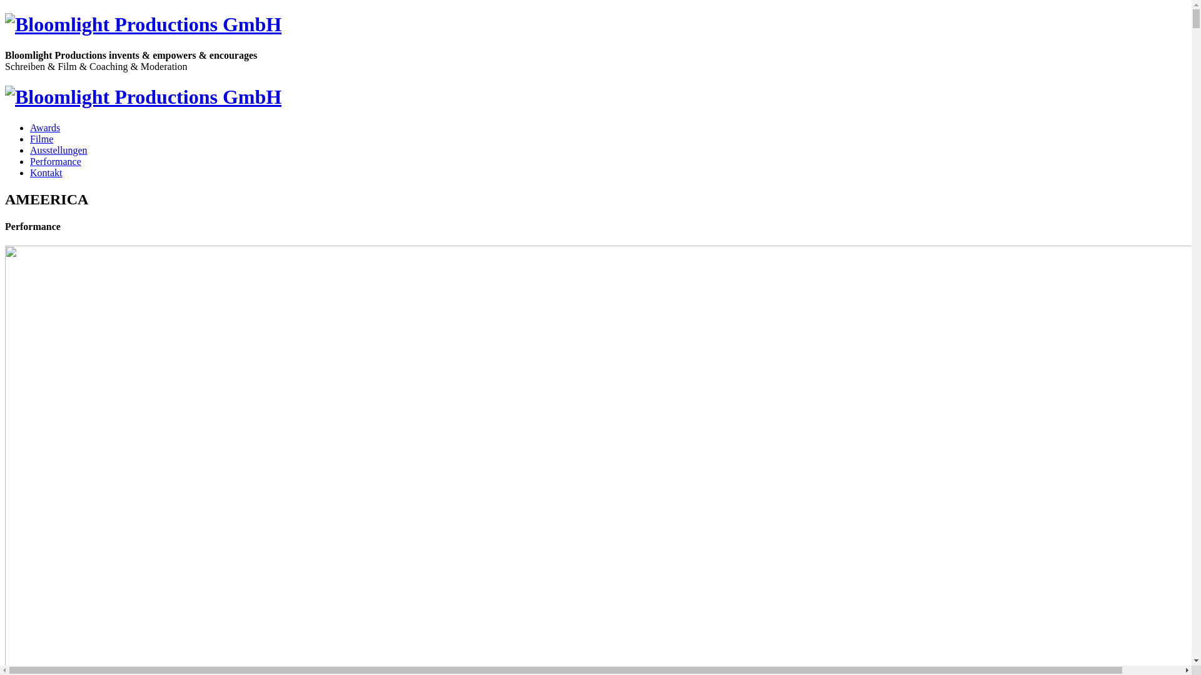 Image resolution: width=1201 pixels, height=675 pixels. What do you see at coordinates (55, 161) in the screenshot?
I see `'Performance'` at bounding box center [55, 161].